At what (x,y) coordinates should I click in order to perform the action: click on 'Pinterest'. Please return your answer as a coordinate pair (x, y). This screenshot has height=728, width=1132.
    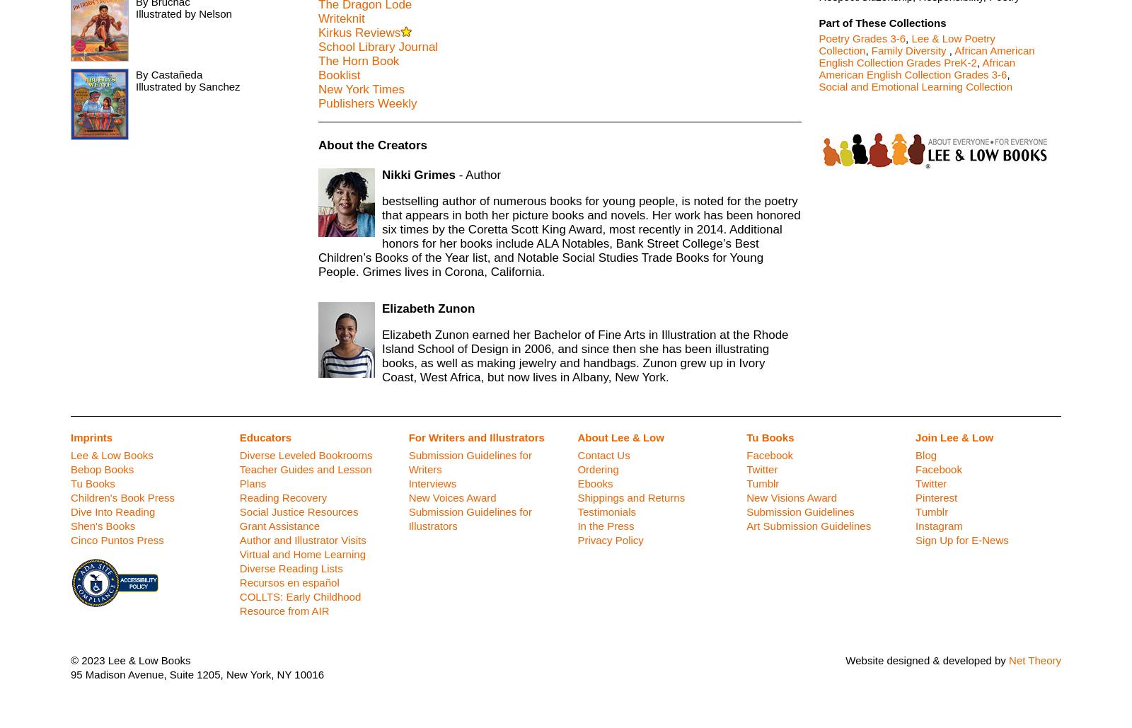
    Looking at the image, I should click on (935, 497).